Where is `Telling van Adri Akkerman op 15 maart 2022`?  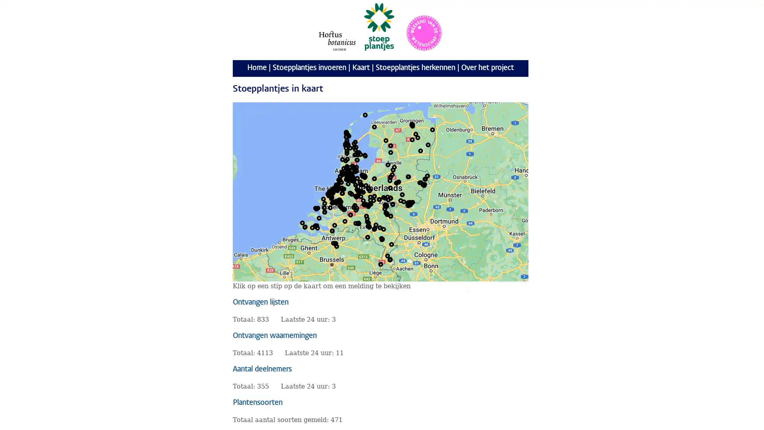 Telling van Adri Akkerman op 15 maart 2022 is located at coordinates (412, 124).